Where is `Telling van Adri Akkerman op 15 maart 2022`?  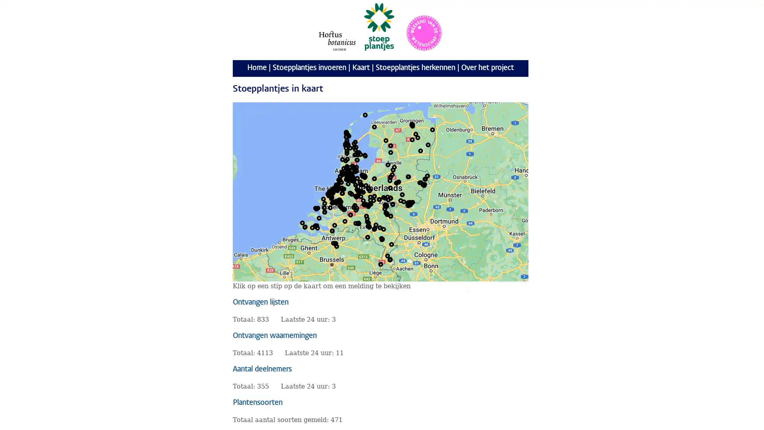 Telling van Adri Akkerman op 15 maart 2022 is located at coordinates (412, 124).